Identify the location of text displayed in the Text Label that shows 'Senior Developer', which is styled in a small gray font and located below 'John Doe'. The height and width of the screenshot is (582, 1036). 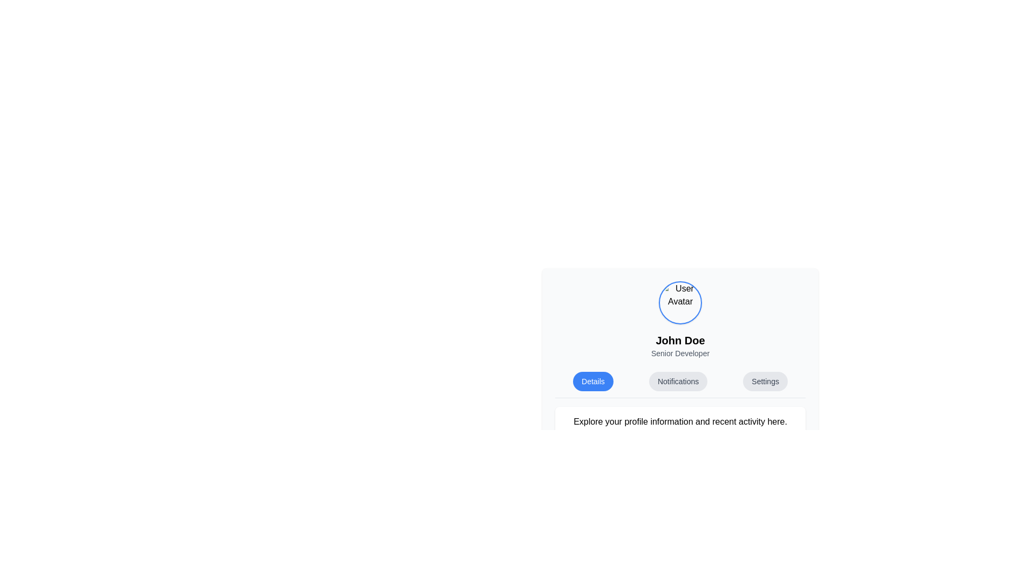
(680, 353).